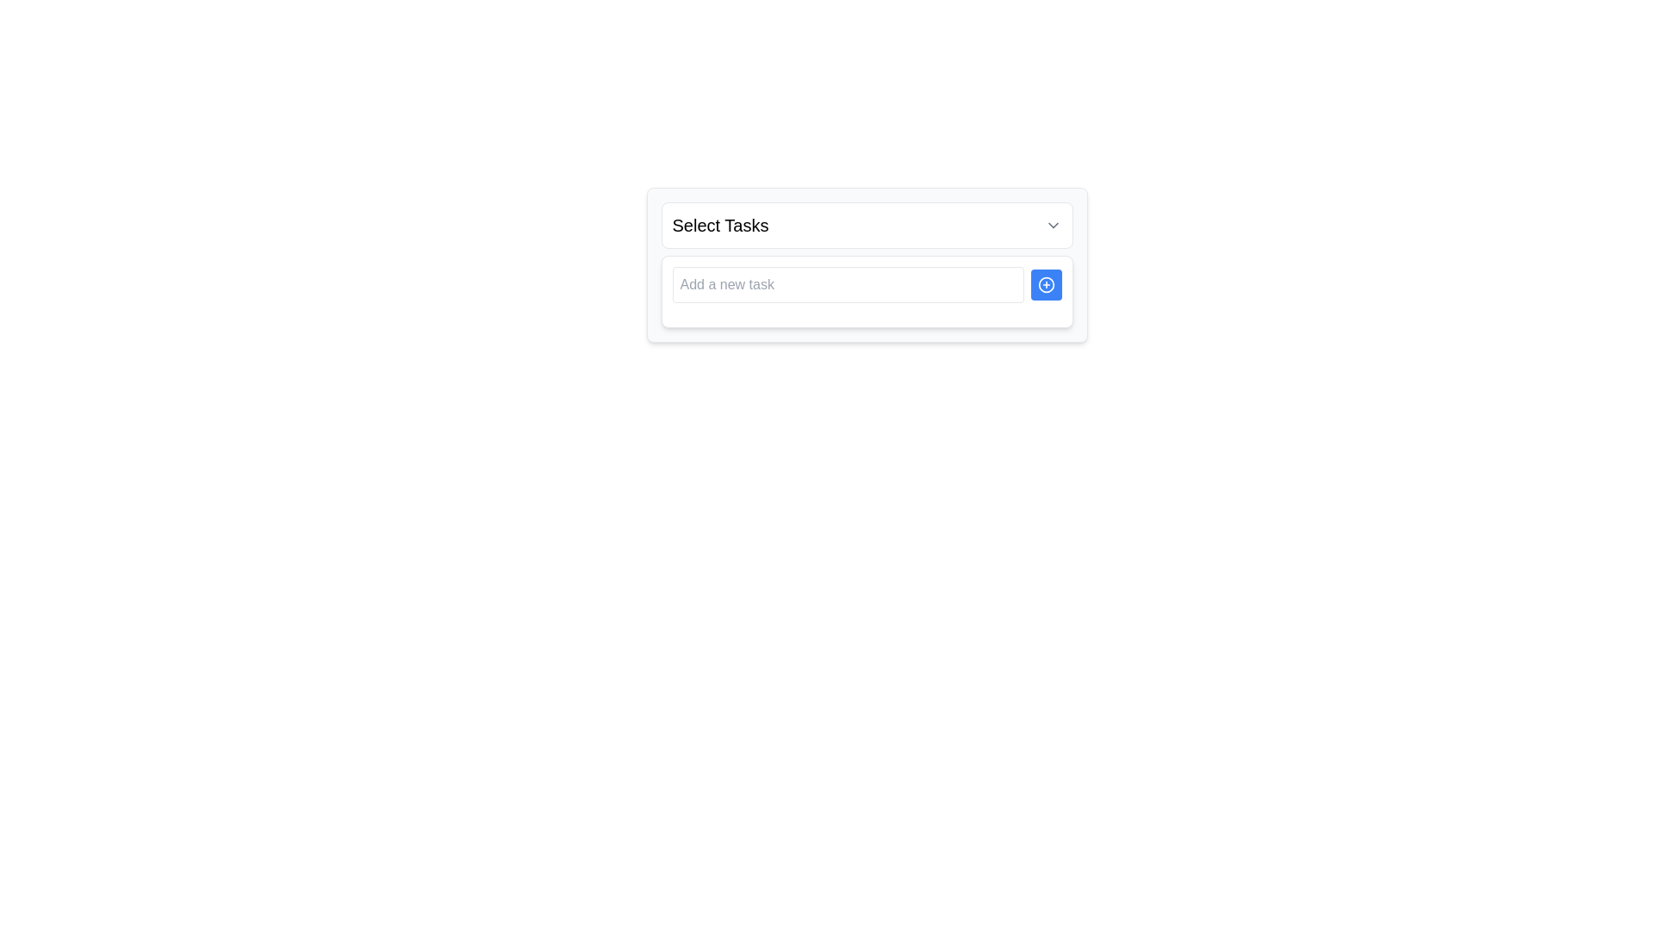  I want to click on the blue circular button with a white plus symbol inside, so click(1045, 284).